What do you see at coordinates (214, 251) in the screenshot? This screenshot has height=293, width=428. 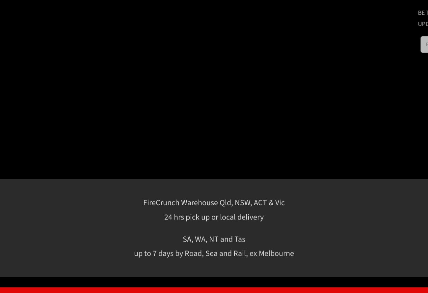 I see `'Impact Resistance'` at bounding box center [214, 251].